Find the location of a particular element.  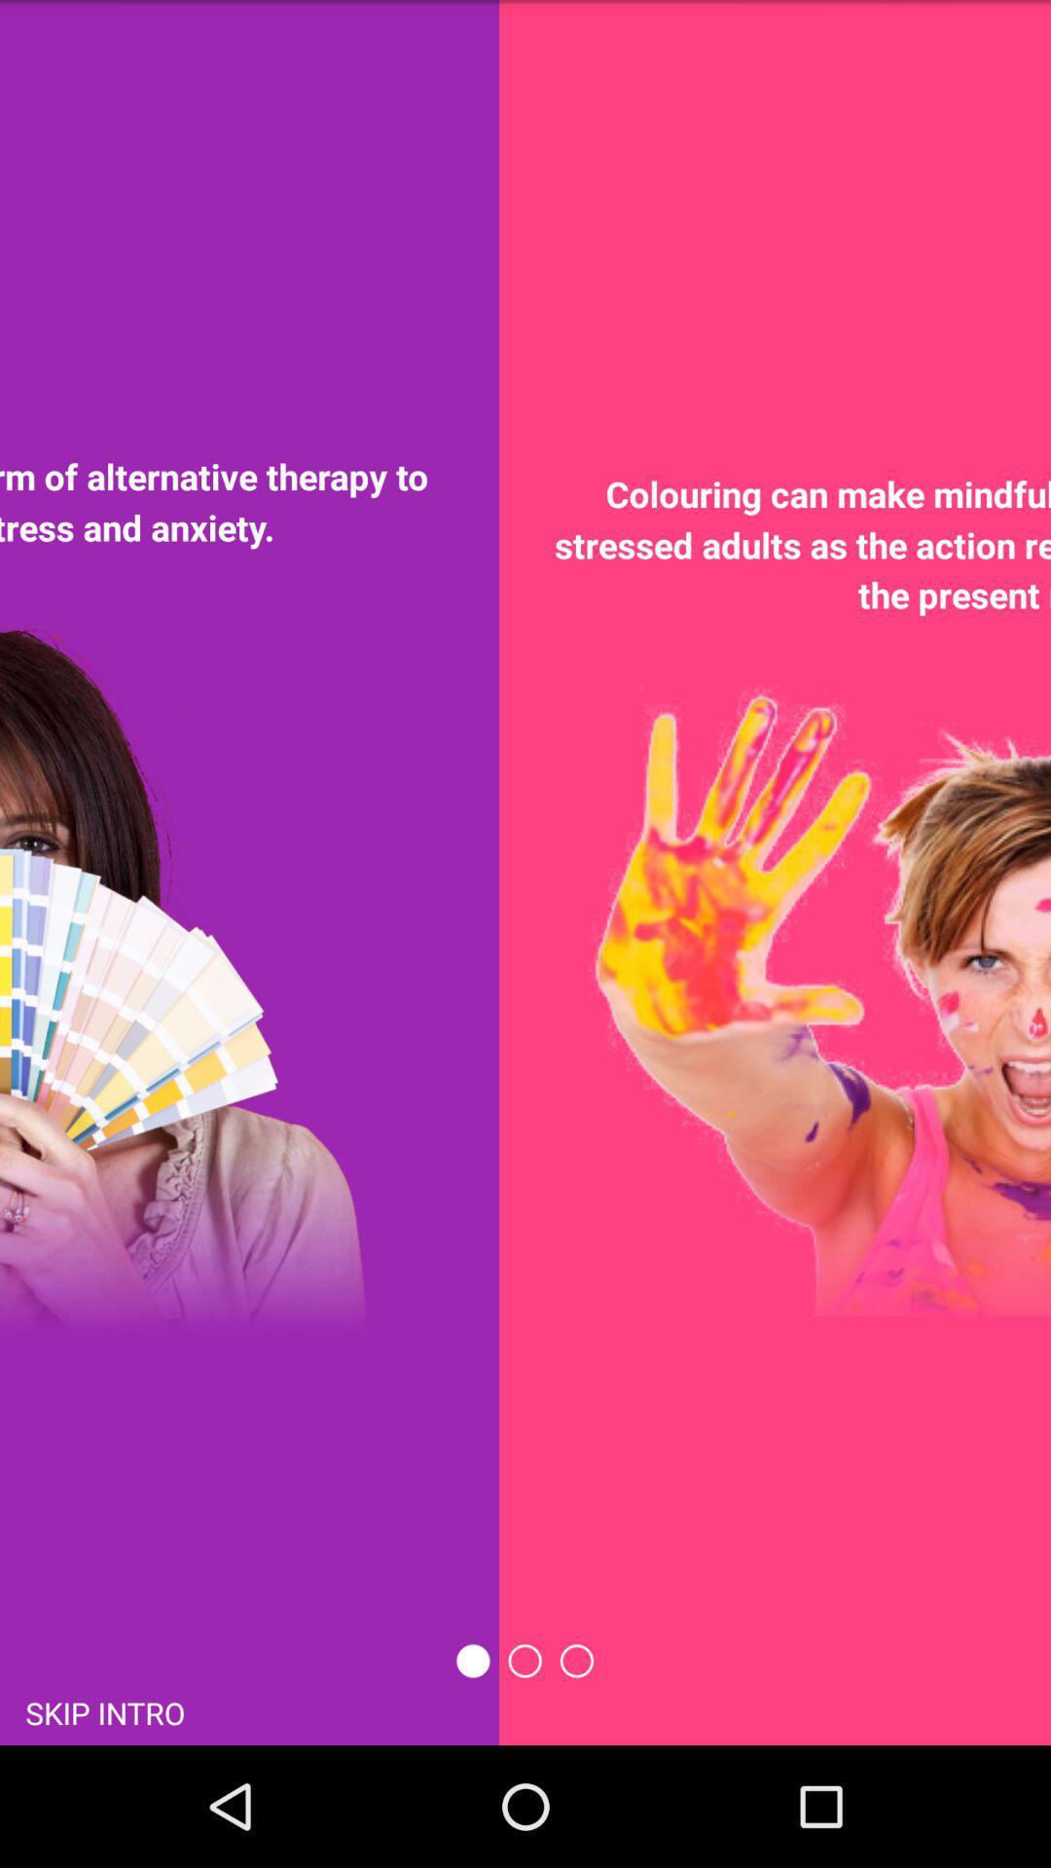

item at the bottom left corner is located at coordinates (105, 1710).